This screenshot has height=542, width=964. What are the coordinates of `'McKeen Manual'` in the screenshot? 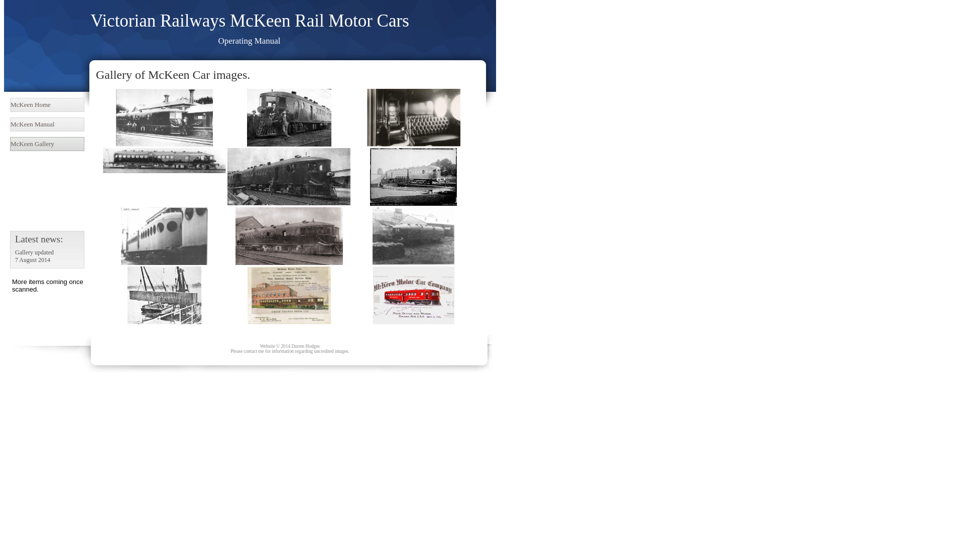 It's located at (47, 123).